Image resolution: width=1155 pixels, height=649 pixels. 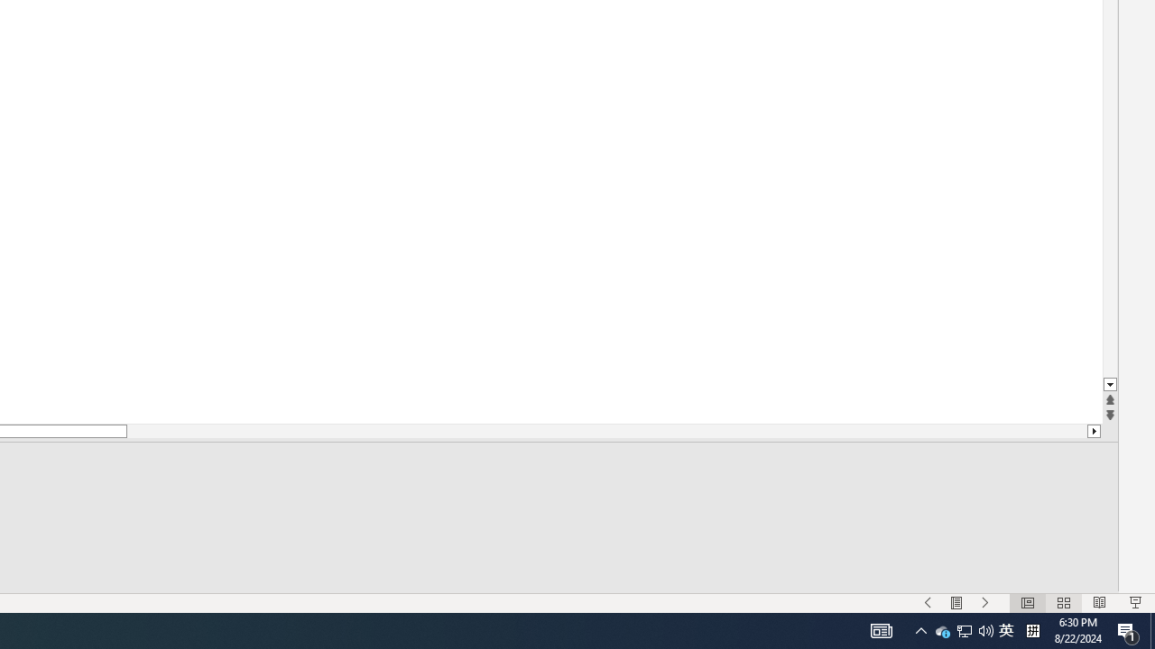 What do you see at coordinates (984, 603) in the screenshot?
I see `'Slide Show Next On'` at bounding box center [984, 603].